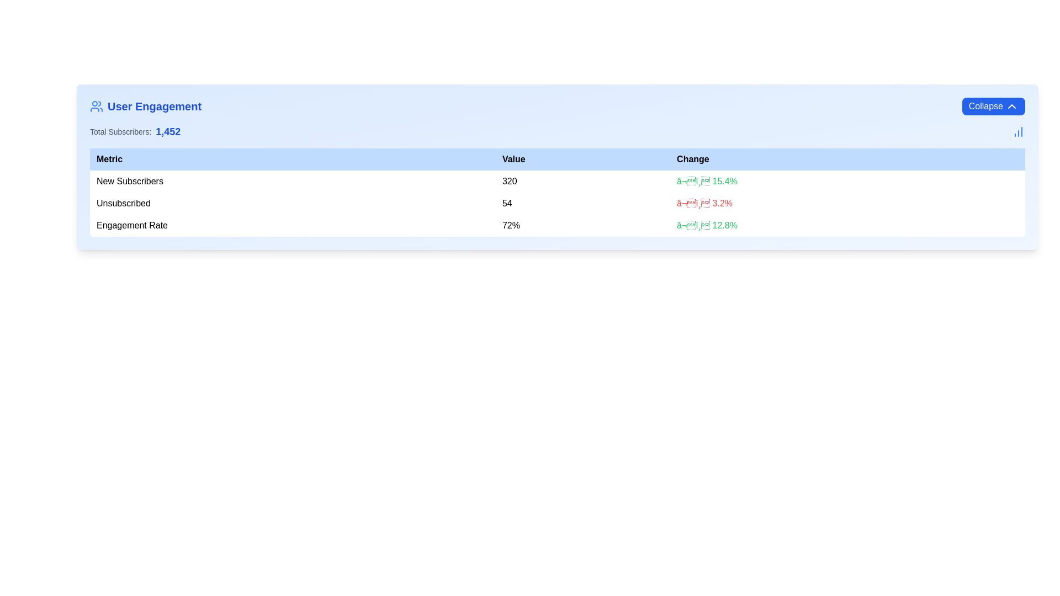  What do you see at coordinates (96, 106) in the screenshot?
I see `the decorative icon representing 'User Engagement' located at the leftmost side of the 'User Engagement' section, before the text title` at bounding box center [96, 106].